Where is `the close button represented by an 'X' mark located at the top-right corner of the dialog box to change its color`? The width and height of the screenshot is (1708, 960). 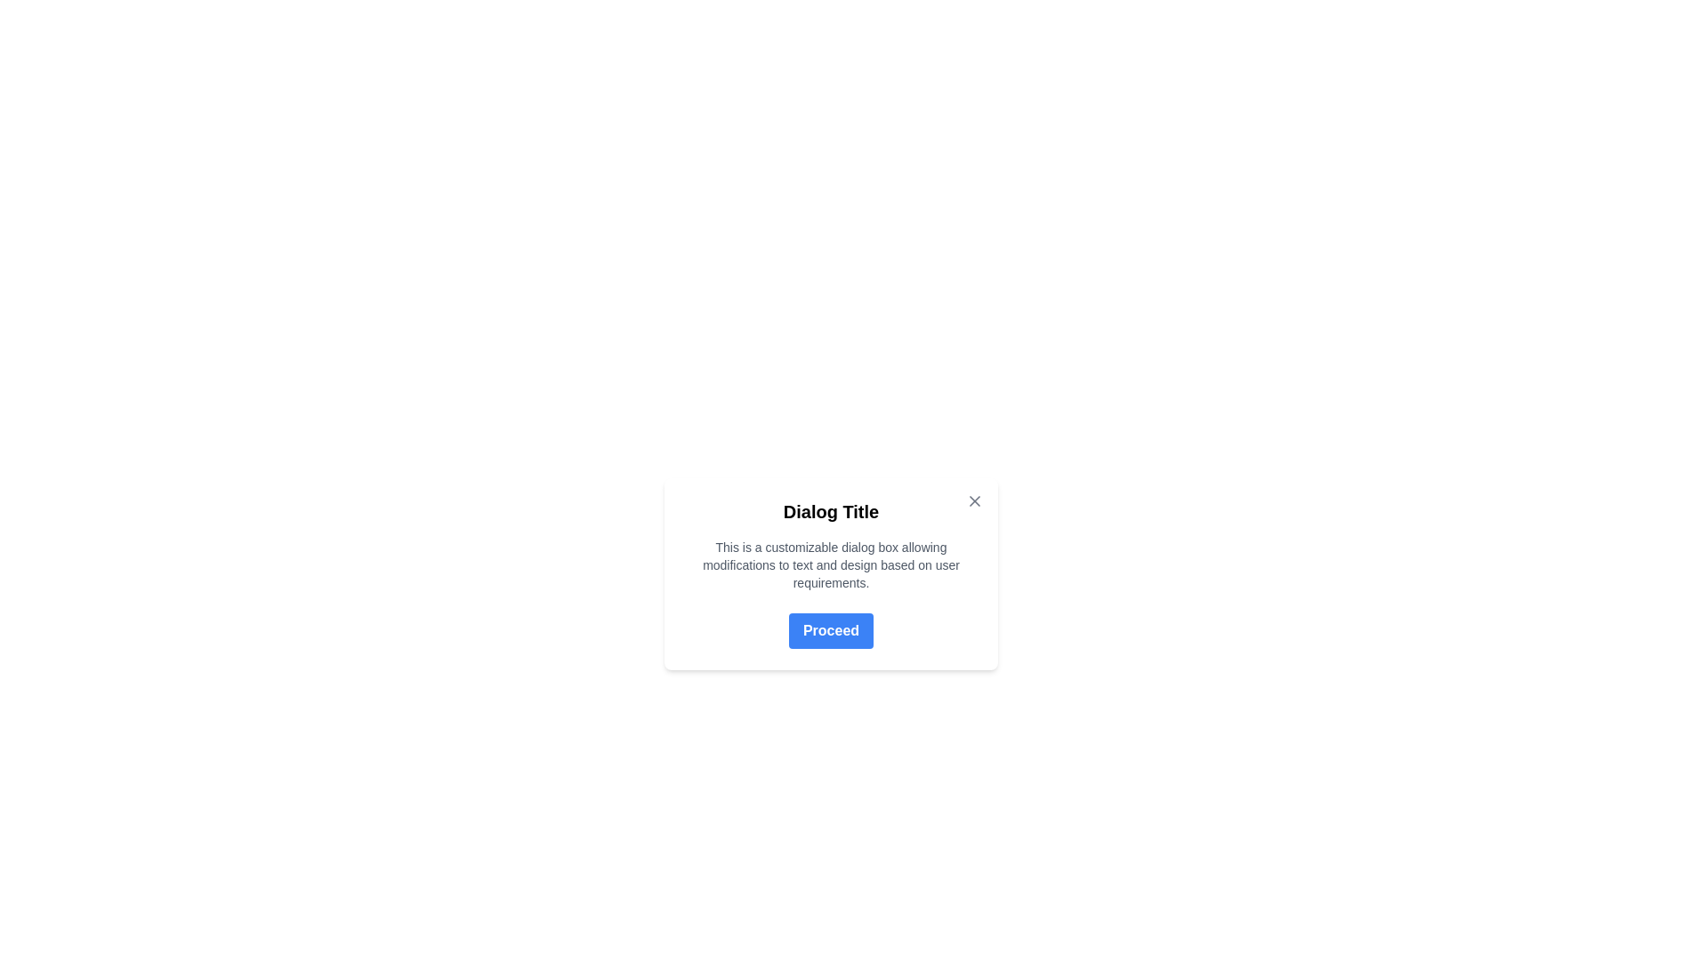
the close button represented by an 'X' mark located at the top-right corner of the dialog box to change its color is located at coordinates (973, 500).